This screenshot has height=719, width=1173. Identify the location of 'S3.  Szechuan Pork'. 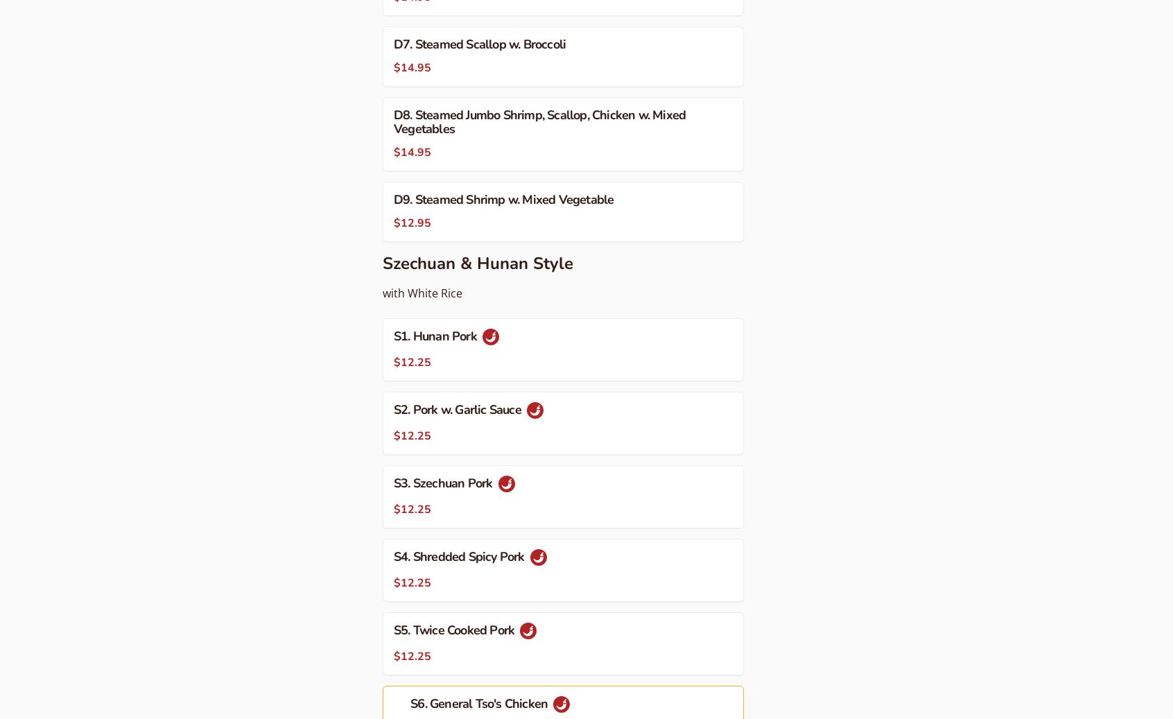
(444, 483).